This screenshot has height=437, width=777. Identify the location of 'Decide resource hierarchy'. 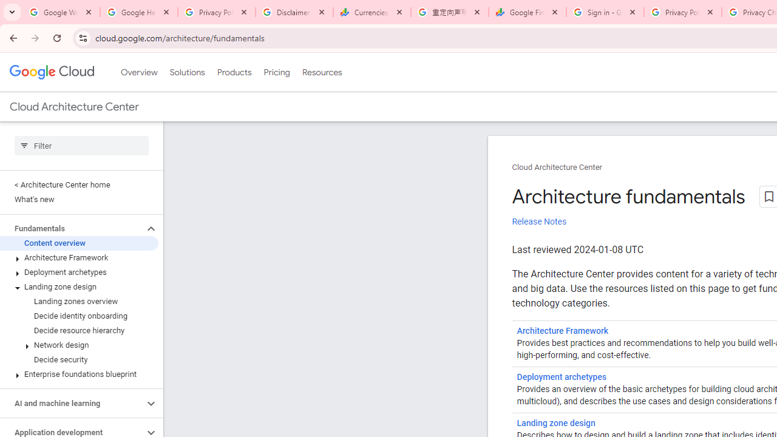
(78, 331).